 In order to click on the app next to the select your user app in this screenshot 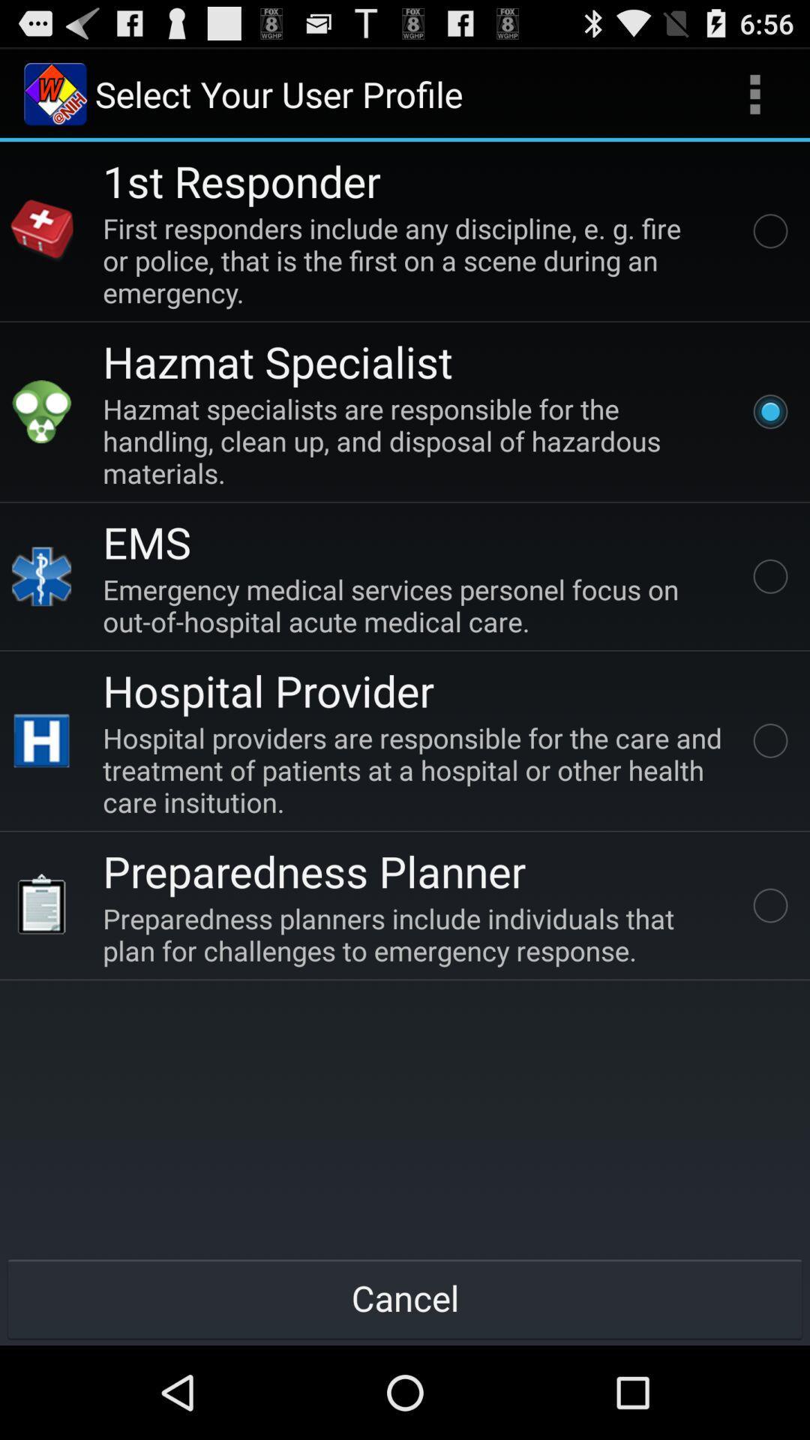, I will do `click(754, 93)`.